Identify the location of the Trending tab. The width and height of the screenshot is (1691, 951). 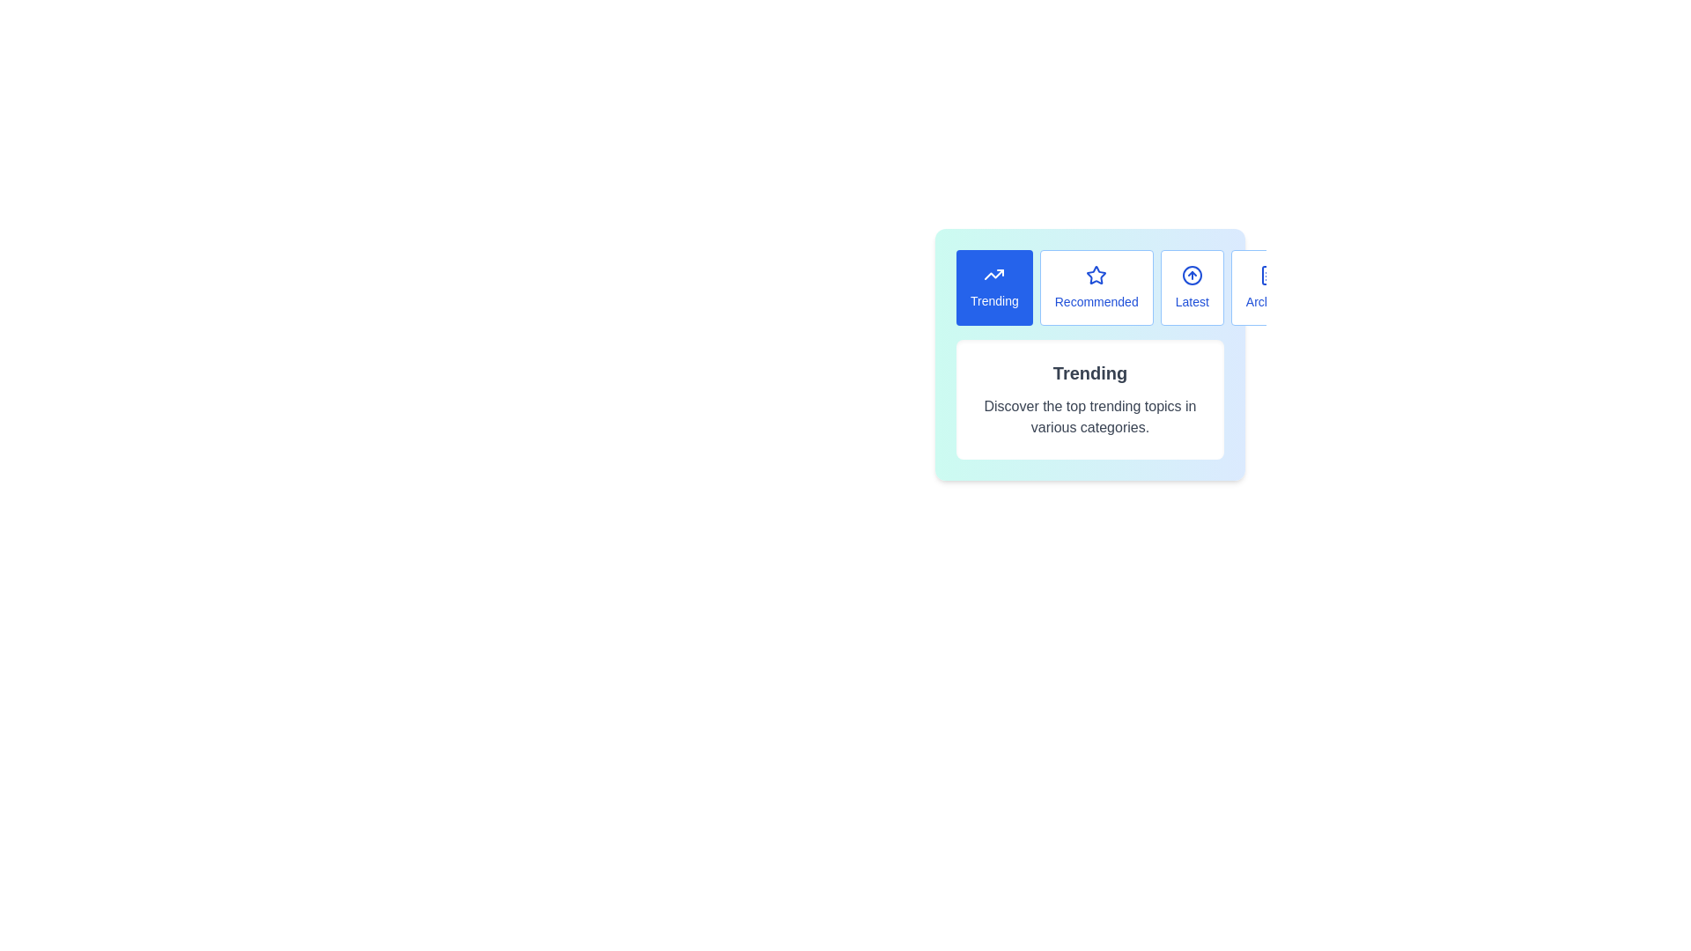
(994, 287).